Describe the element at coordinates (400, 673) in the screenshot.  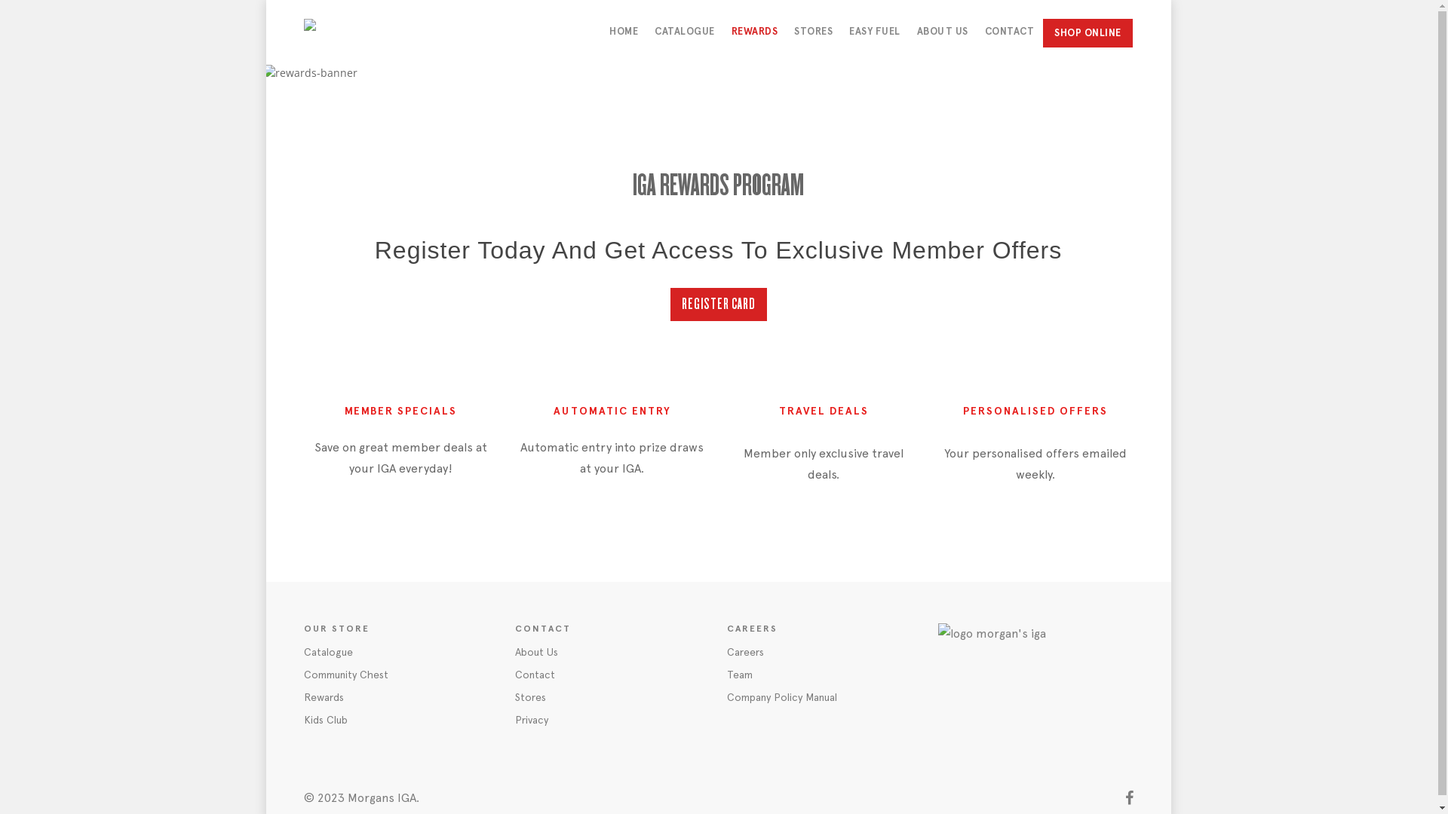
I see `'Community Chest'` at that location.